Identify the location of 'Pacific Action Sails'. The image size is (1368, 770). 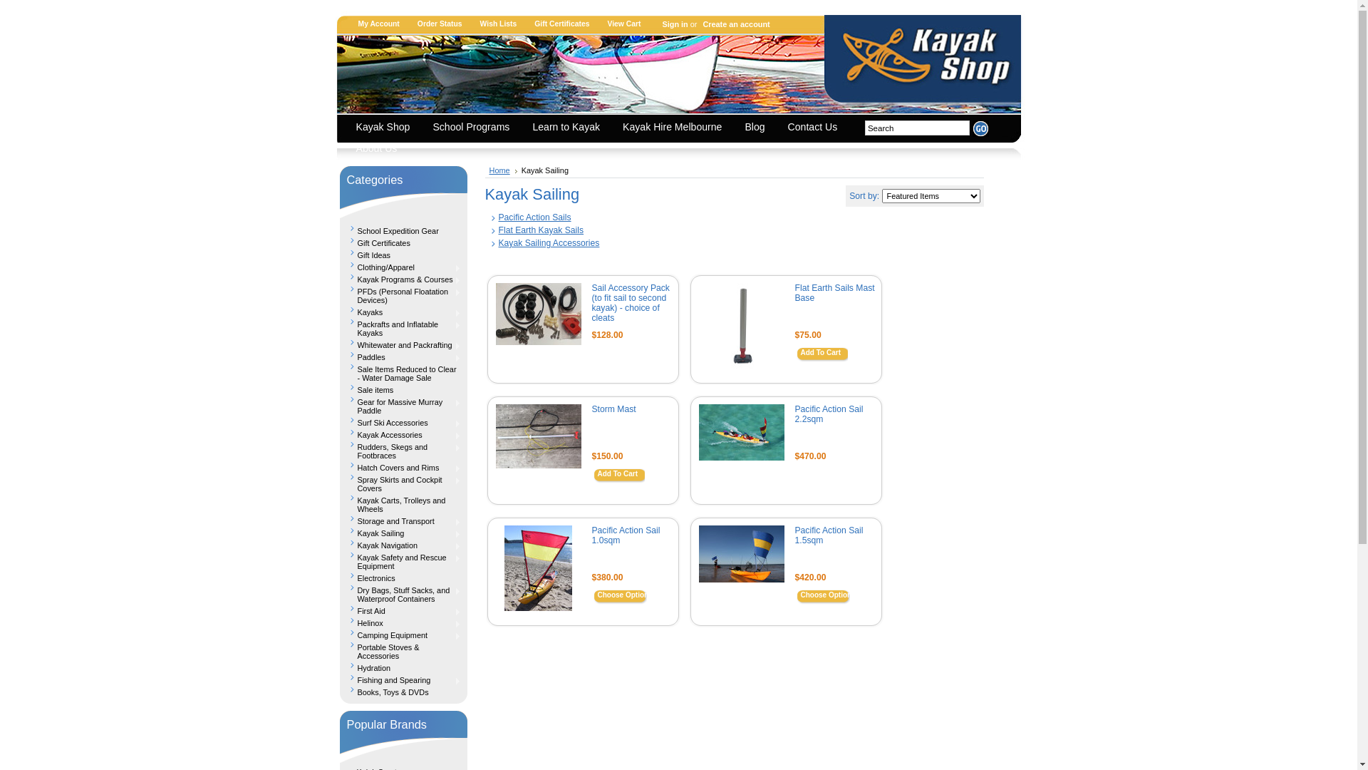
(534, 217).